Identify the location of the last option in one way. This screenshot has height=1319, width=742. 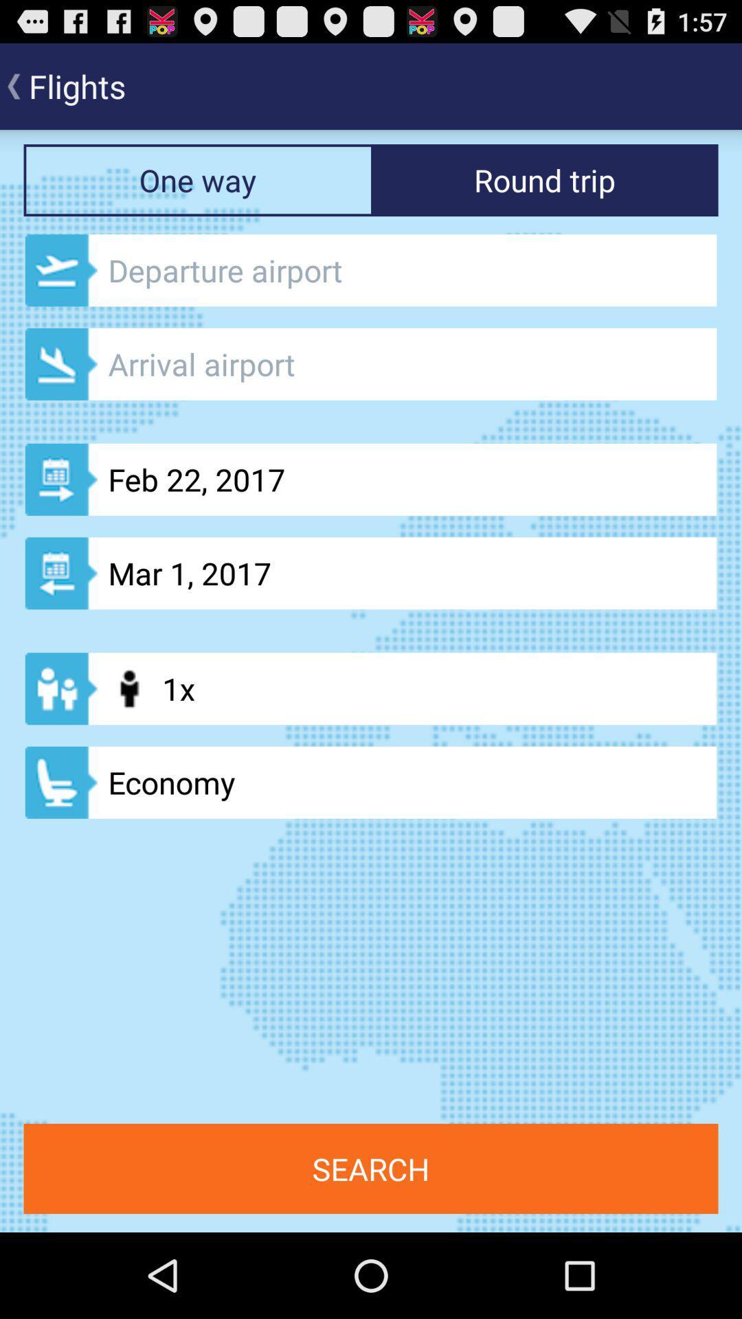
(371, 782).